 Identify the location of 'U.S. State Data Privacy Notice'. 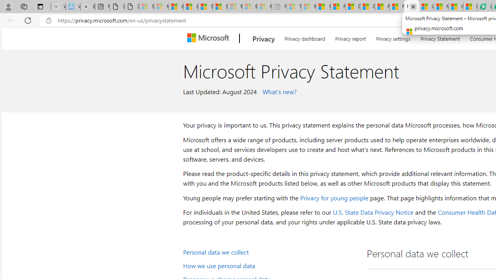
(373, 212).